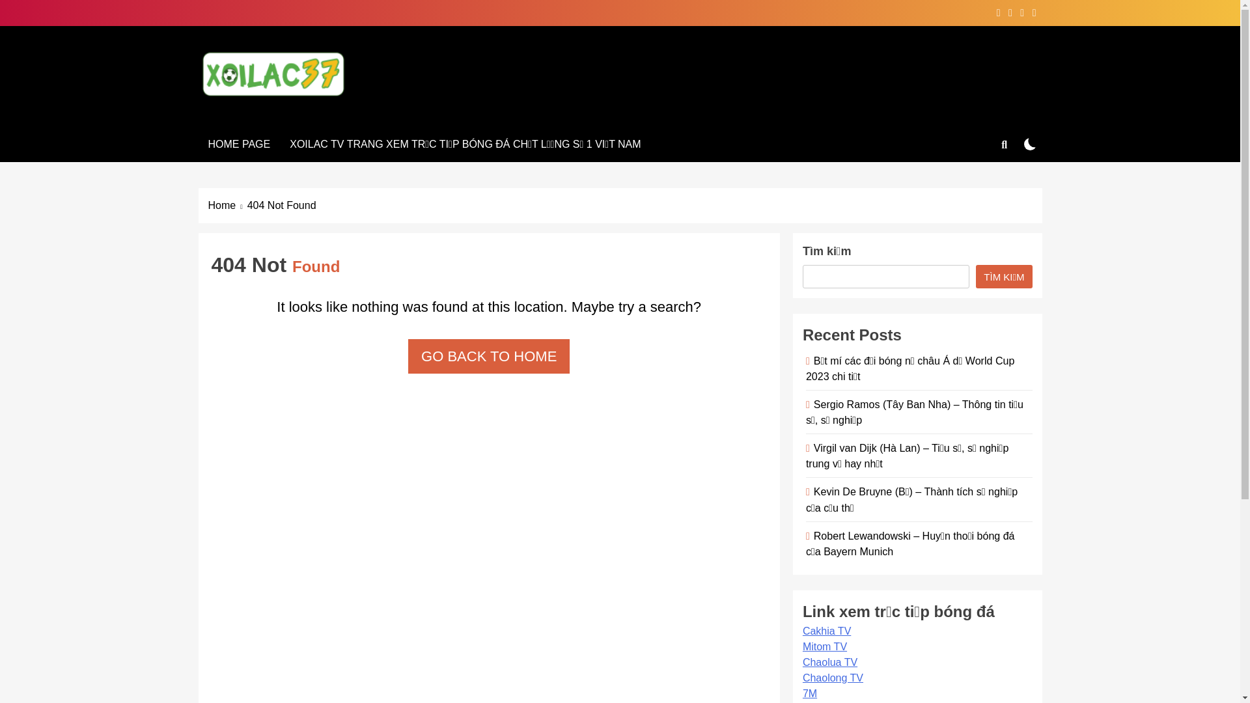 The height and width of the screenshot is (703, 1250). I want to click on 'Chaolua TV', so click(829, 662).